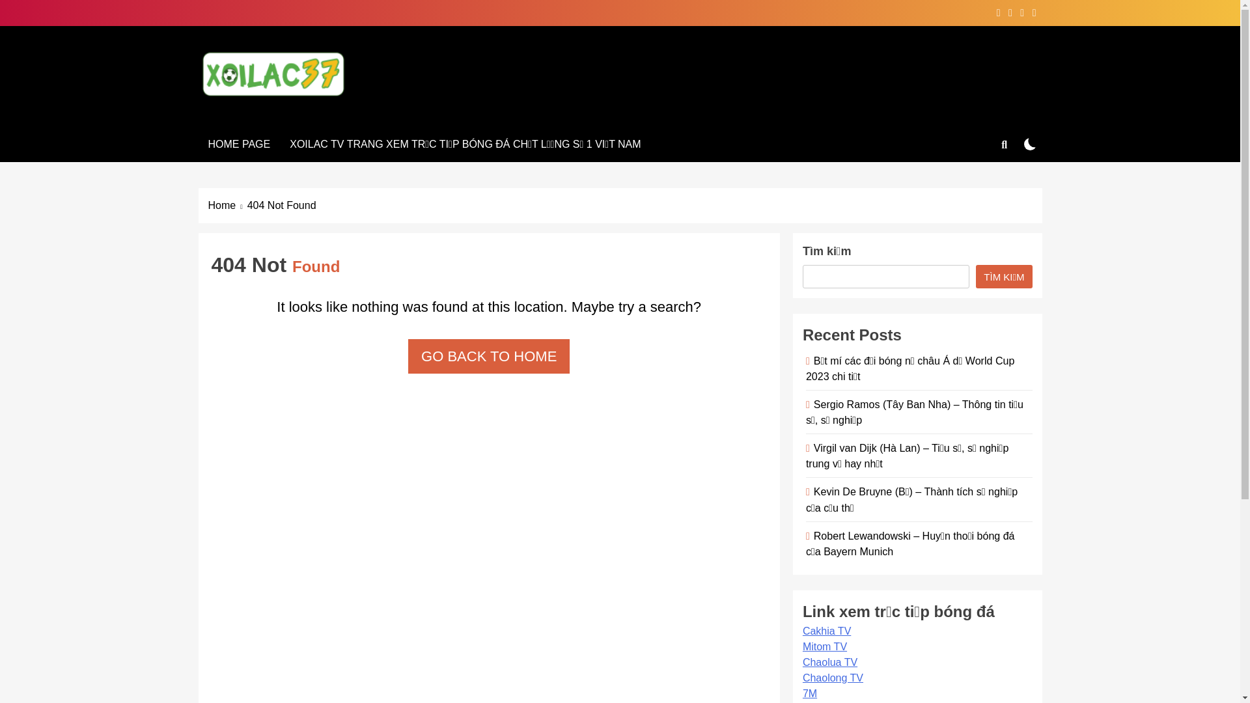 The height and width of the screenshot is (703, 1250). I want to click on 'Chaolua TV', so click(829, 662).